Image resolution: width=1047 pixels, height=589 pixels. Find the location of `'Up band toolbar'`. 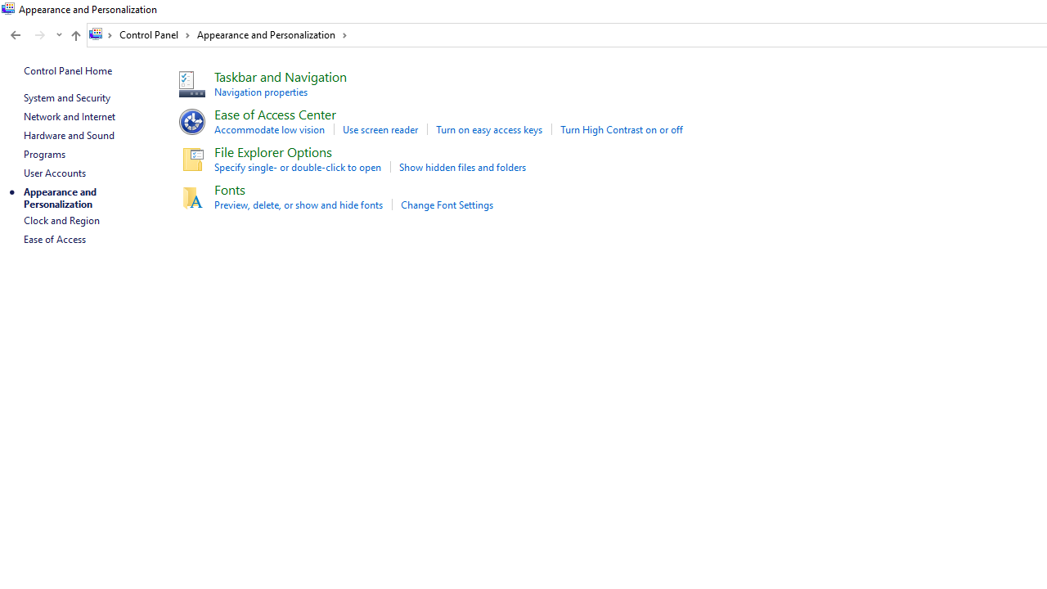

'Up band toolbar' is located at coordinates (74, 37).